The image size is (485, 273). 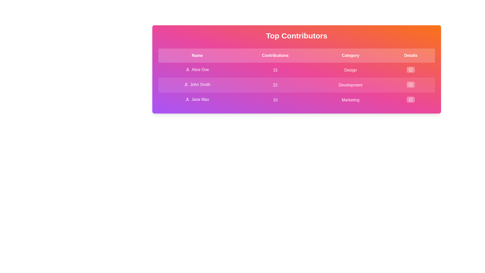 I want to click on the design of the user silhouette icon located to the left of the text 'Alice Doe' in the contributors' list, so click(x=187, y=70).